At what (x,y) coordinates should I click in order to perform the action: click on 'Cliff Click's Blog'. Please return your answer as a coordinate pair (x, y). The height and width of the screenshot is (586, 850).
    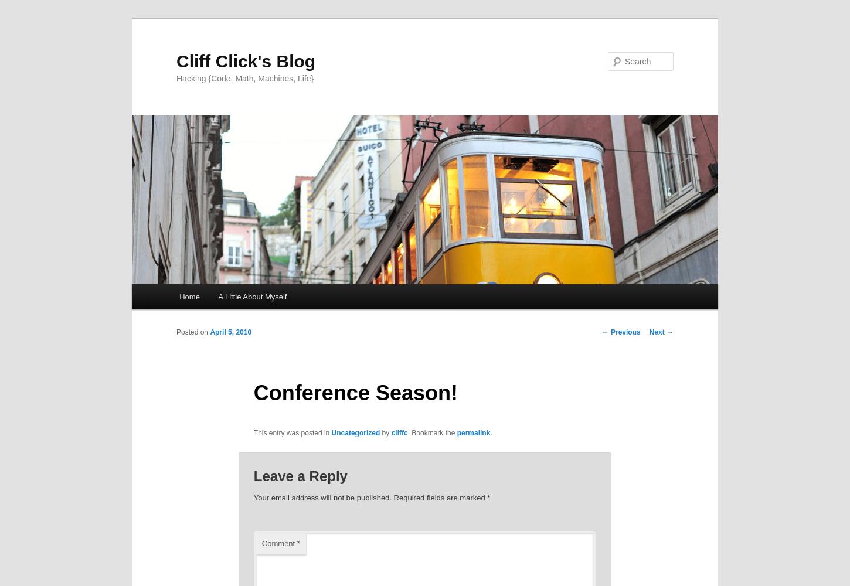
    Looking at the image, I should click on (245, 60).